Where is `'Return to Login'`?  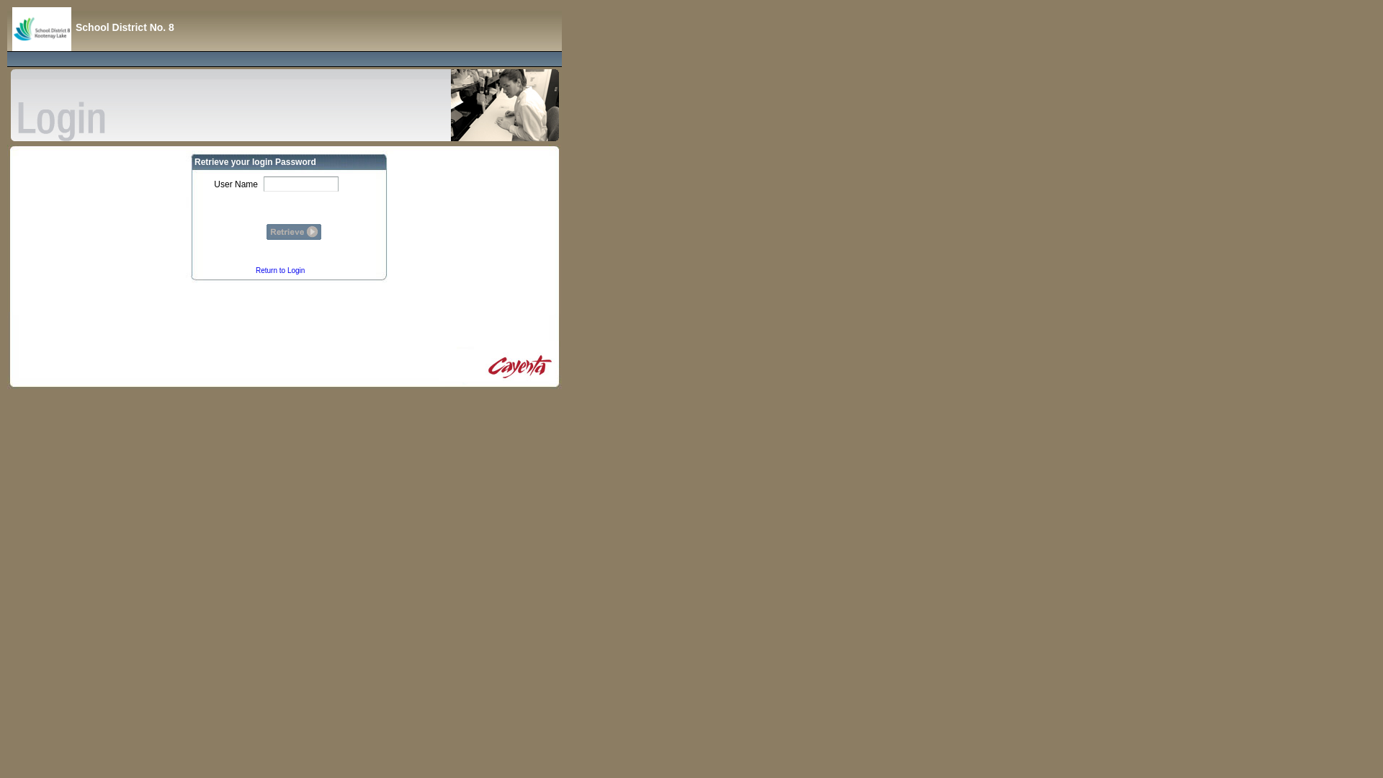 'Return to Login' is located at coordinates (279, 270).